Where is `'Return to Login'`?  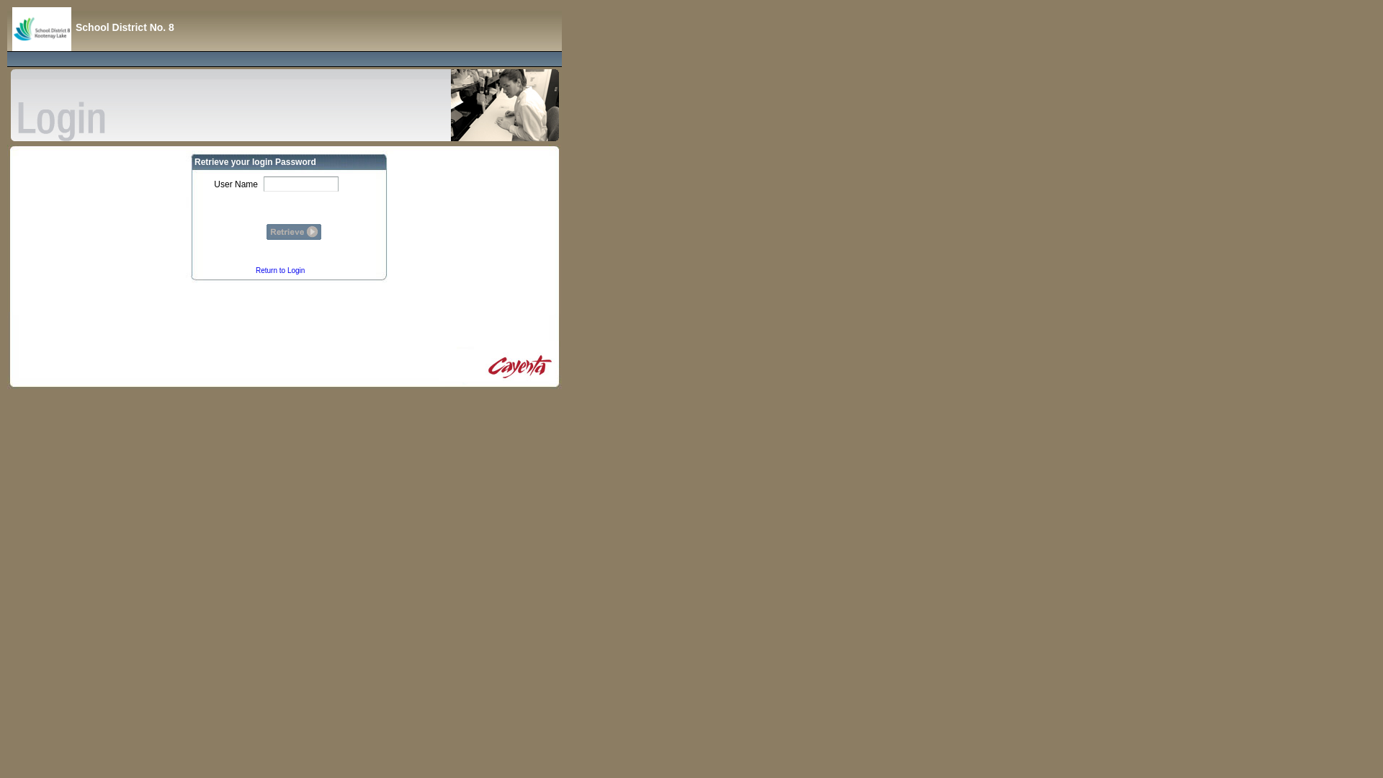 'Return to Login' is located at coordinates (279, 270).